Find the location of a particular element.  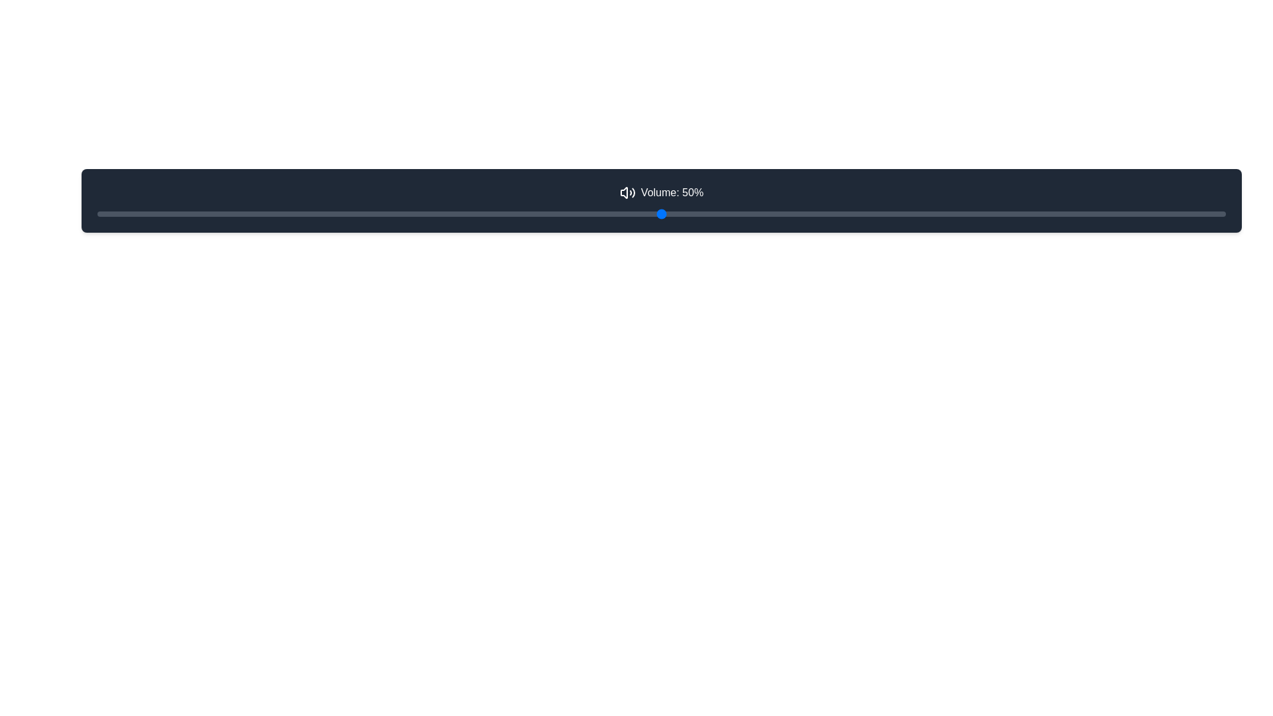

text label that displays the current volume level of 50%, positioned to the right of the sound icon in the dark horizontal bar at the top of the layout is located at coordinates (672, 192).